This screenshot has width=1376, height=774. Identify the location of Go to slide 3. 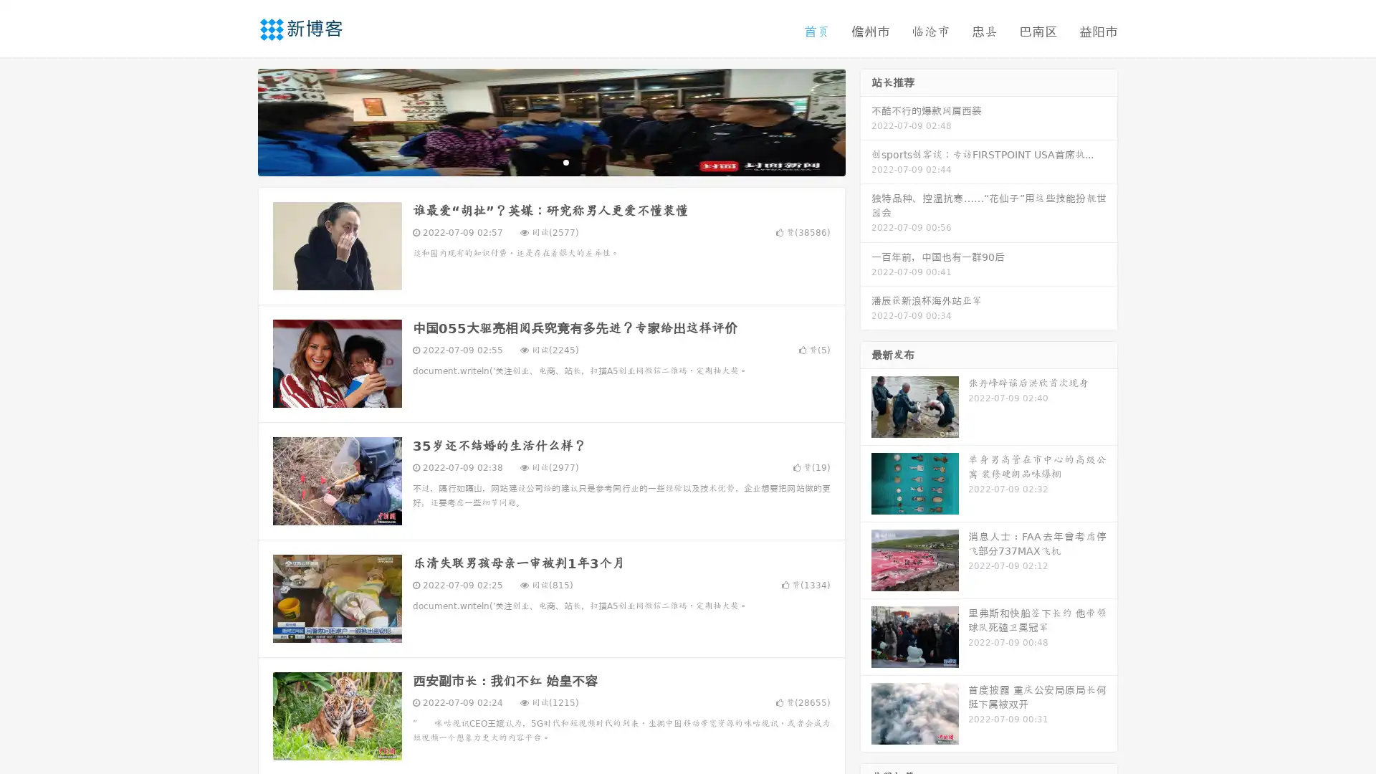
(565, 161).